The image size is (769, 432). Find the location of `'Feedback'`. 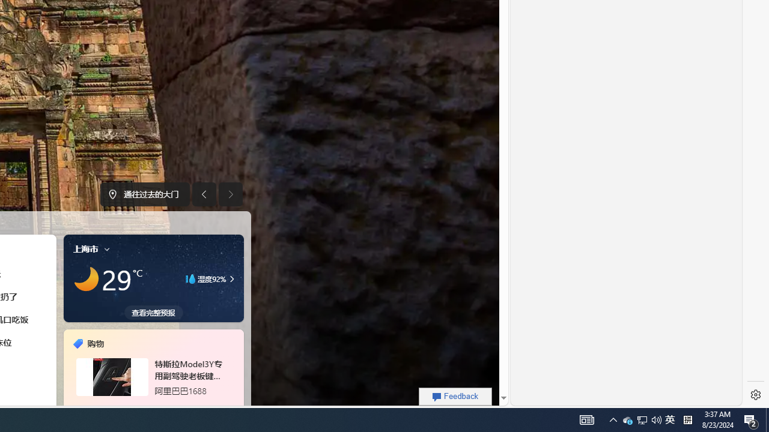

'Feedback' is located at coordinates (455, 396).